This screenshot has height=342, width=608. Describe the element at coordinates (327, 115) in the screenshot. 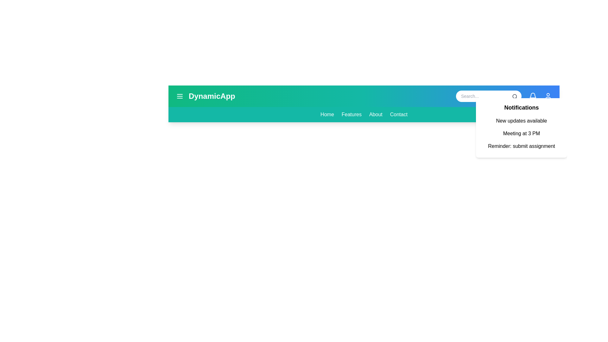

I see `the navigation menu item 'Home' to navigate to the respective section` at that location.